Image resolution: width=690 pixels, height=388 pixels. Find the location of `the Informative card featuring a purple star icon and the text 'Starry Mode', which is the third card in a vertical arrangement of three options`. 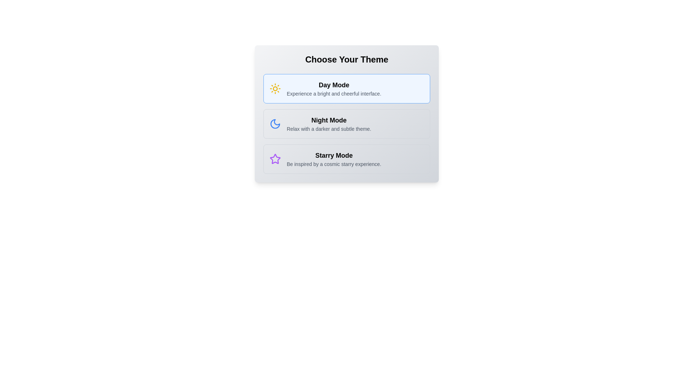

the Informative card featuring a purple star icon and the text 'Starry Mode', which is the third card in a vertical arrangement of three options is located at coordinates (346, 159).